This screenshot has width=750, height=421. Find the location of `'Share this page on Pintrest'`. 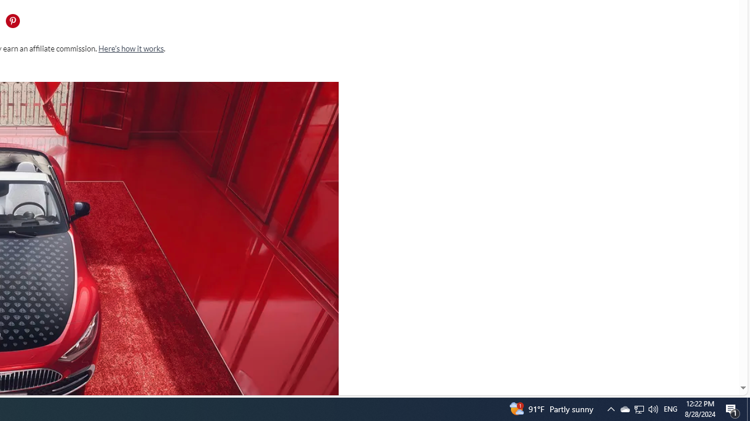

'Share this page on Pintrest' is located at coordinates (12, 21).